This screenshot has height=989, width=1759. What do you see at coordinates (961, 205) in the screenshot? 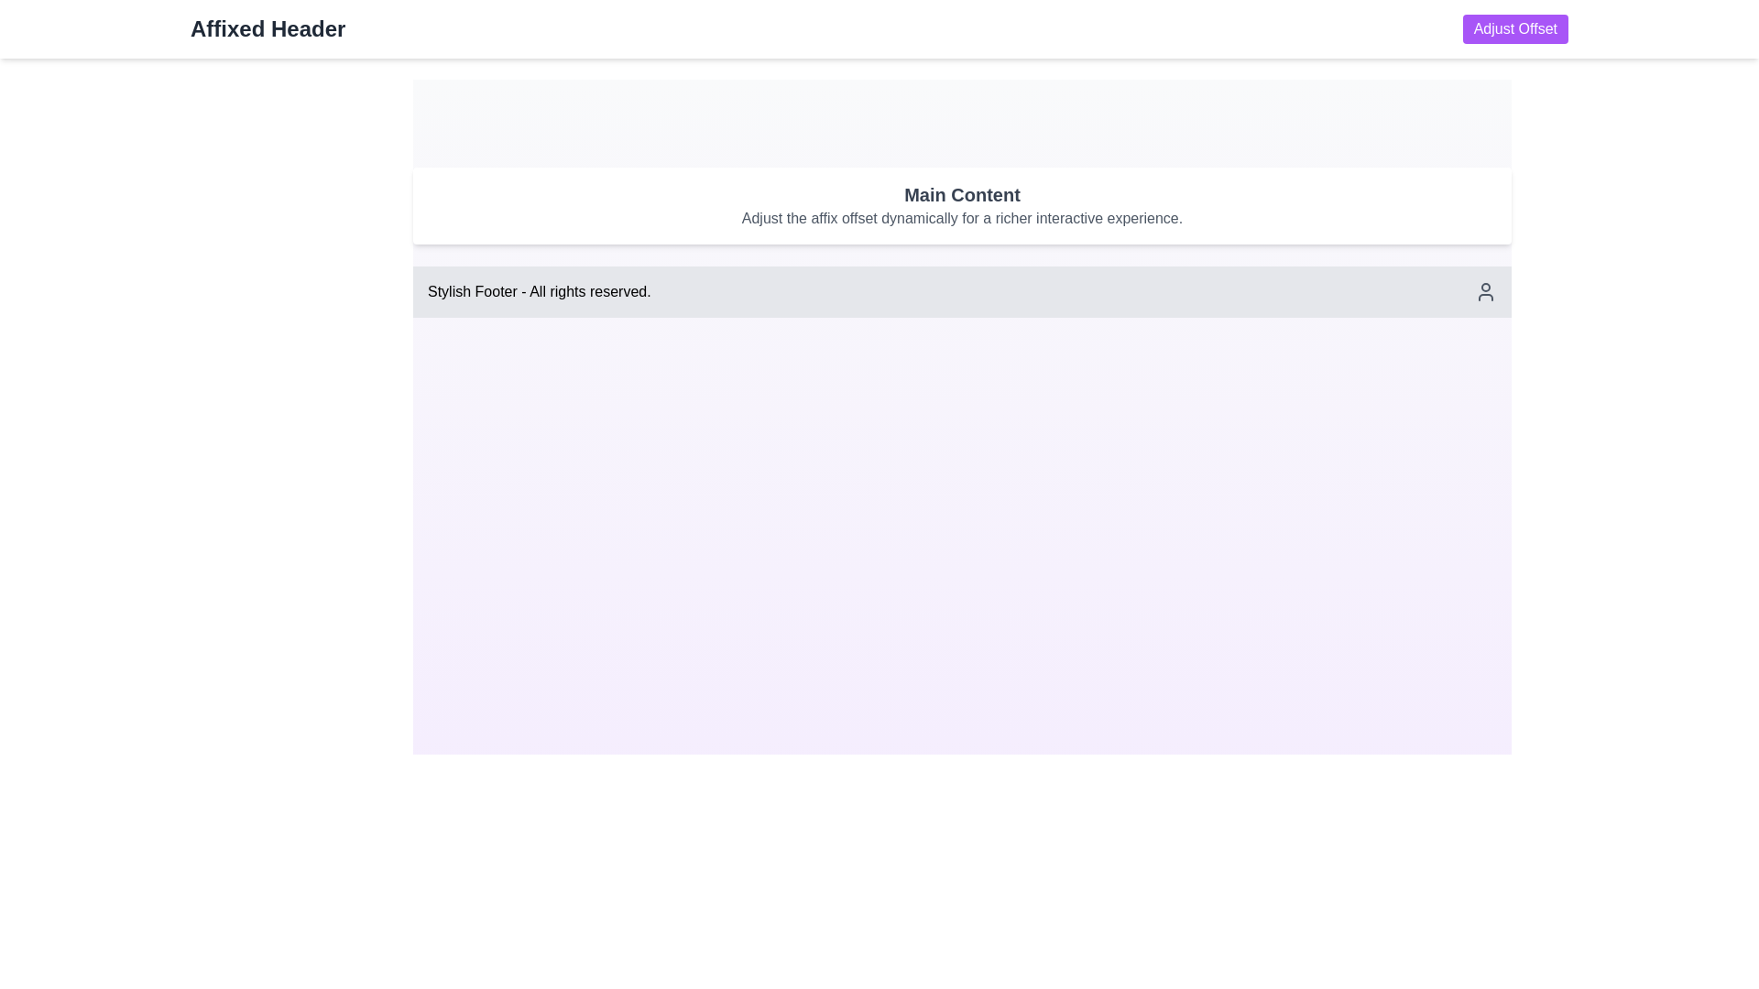
I see `the Content header block that provides a section title and brief explanation, located near the top-middle section of the page, just beneath the header` at bounding box center [961, 205].